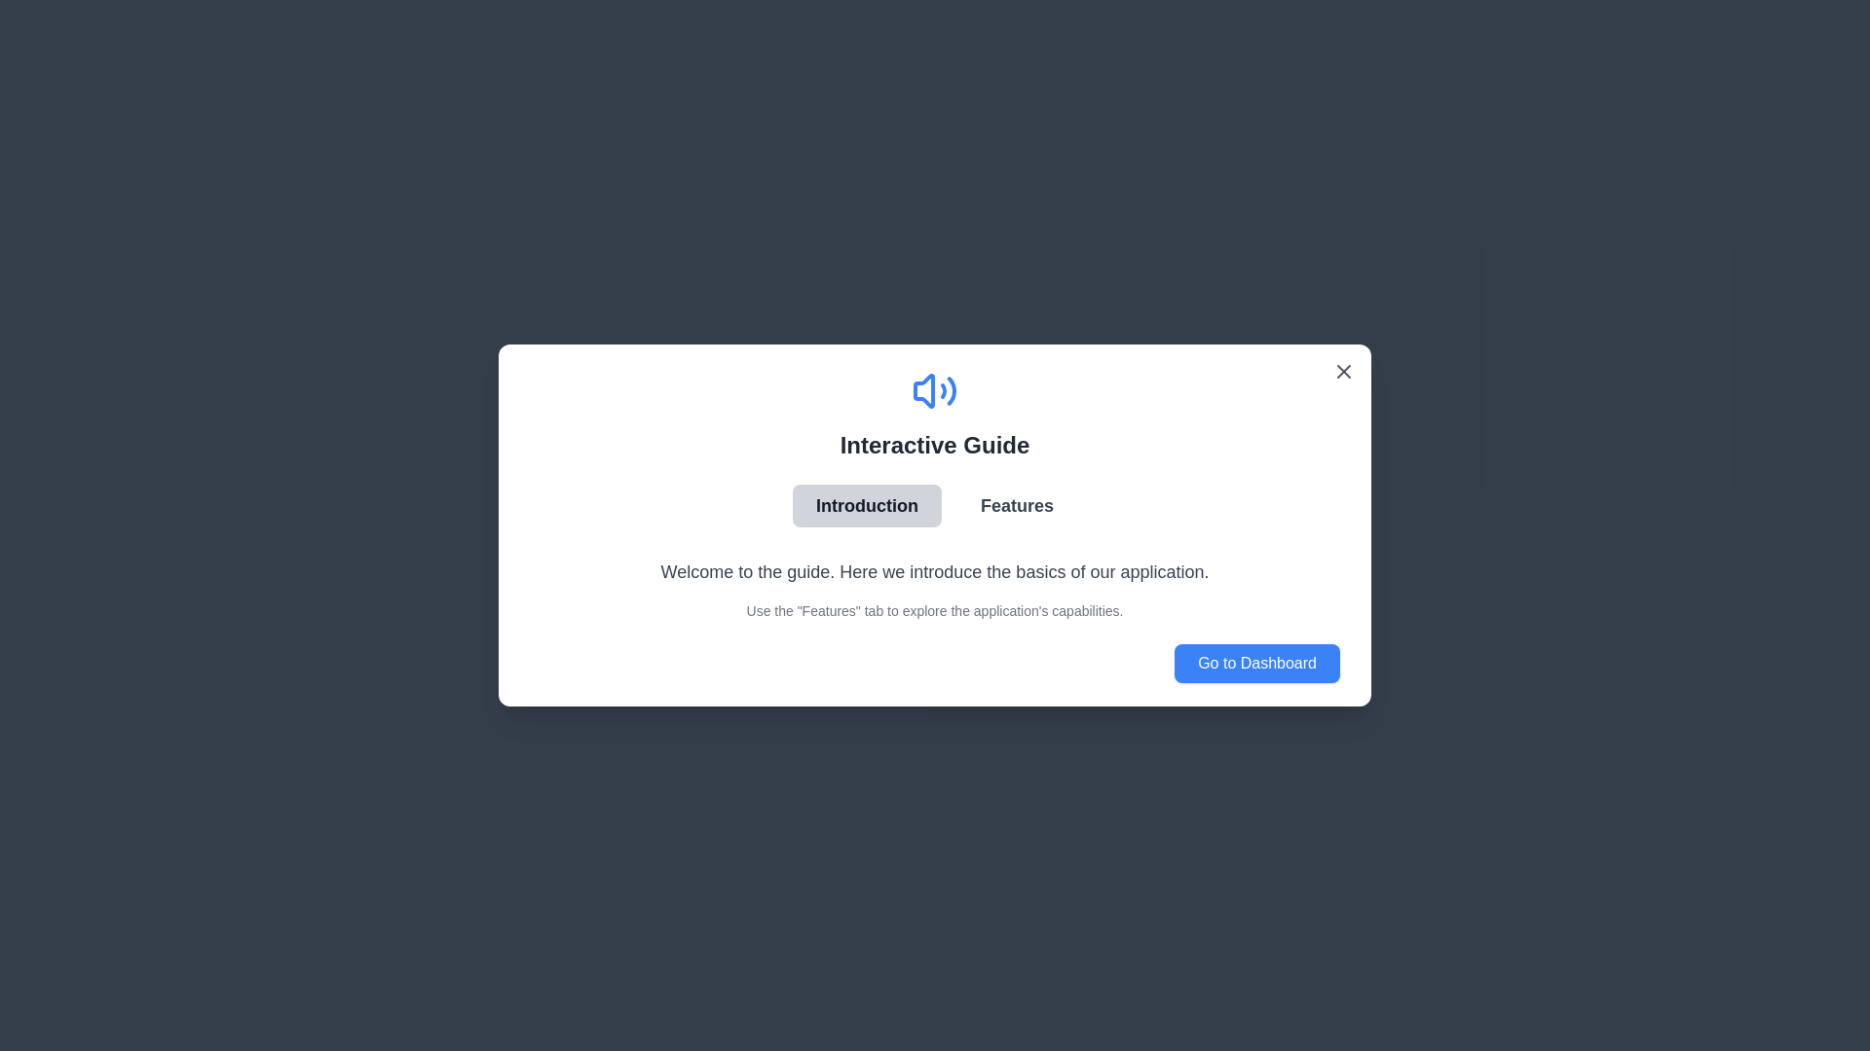 The image size is (1870, 1051). I want to click on the 'Introduction' button located centrally at the top of the white panel, so click(866, 505).